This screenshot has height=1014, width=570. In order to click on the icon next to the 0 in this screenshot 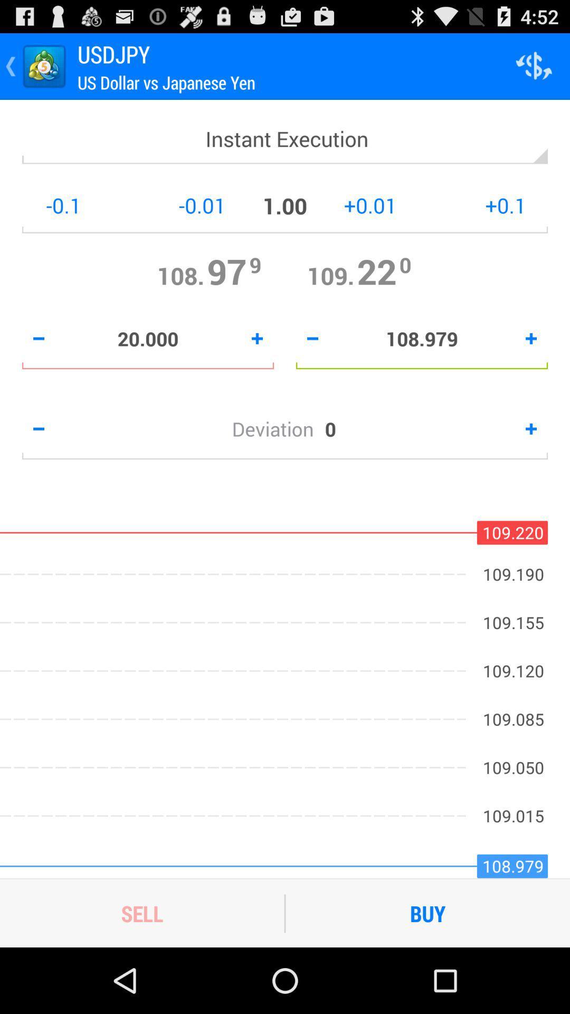, I will do `click(278, 429)`.